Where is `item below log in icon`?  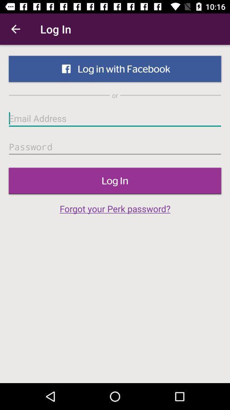
item below log in icon is located at coordinates (115, 208).